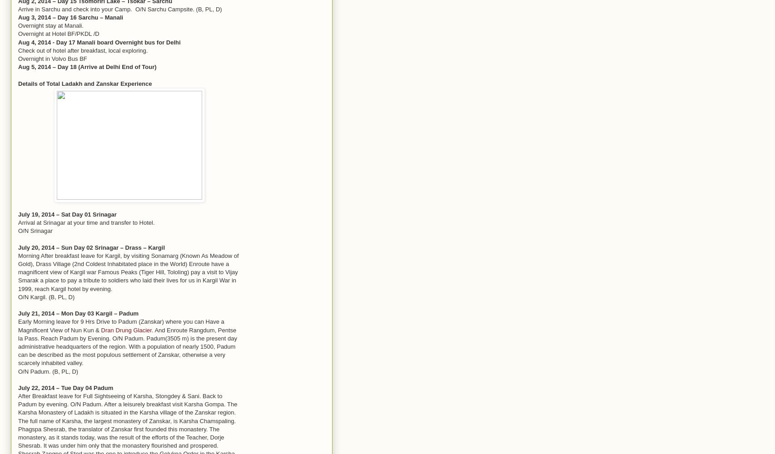 This screenshot has height=454, width=775. Describe the element at coordinates (18, 313) in the screenshot. I see `'July 21, 2014 – Mon Day 03 Kargil – Padum'` at that location.